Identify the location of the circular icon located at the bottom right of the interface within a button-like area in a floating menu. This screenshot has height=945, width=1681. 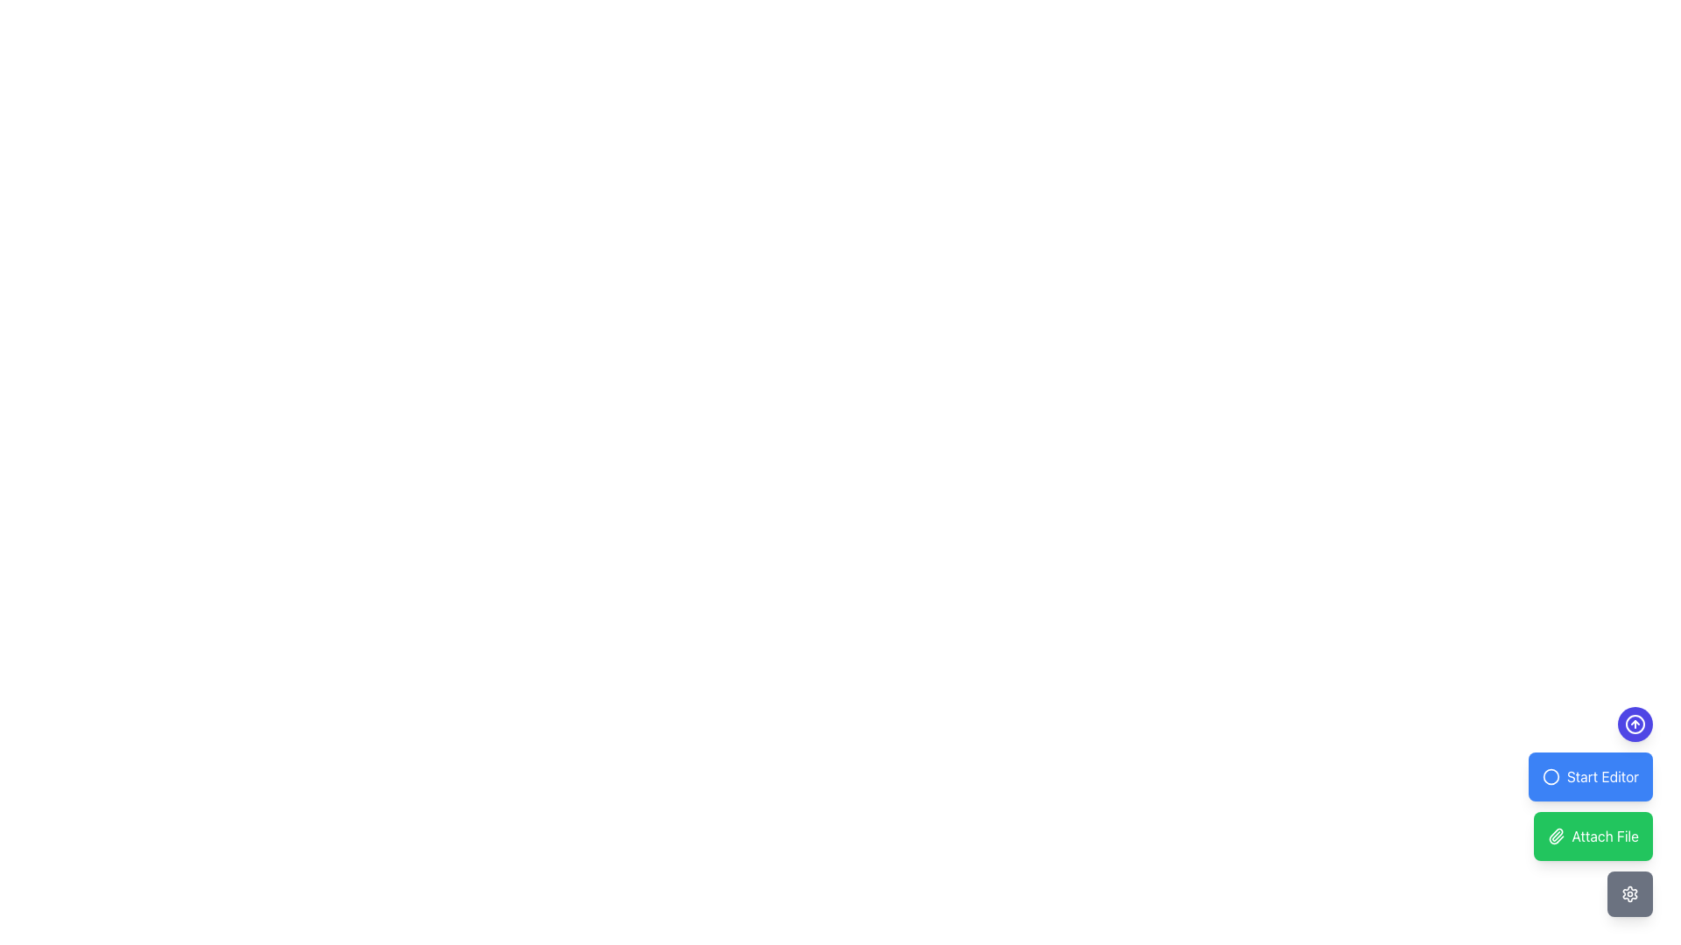
(1551, 775).